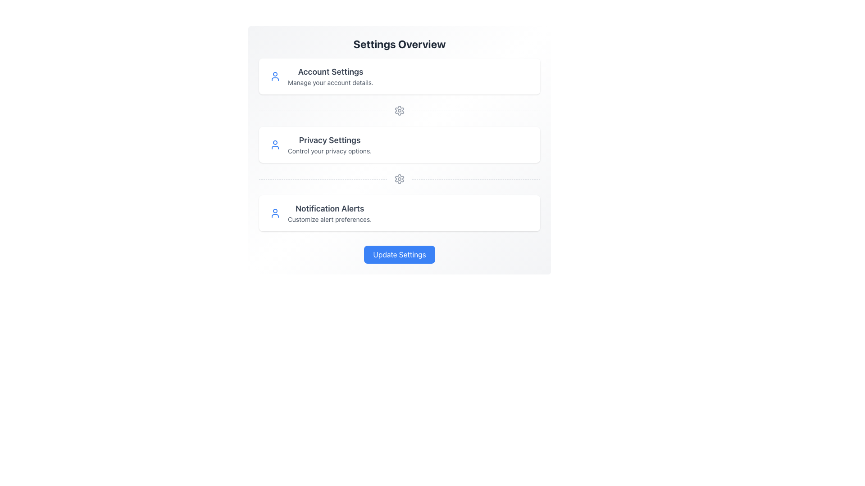  I want to click on the bold, large-sized header text displaying 'Settings Overview' at the top-center of the settings panel, so click(399, 44).